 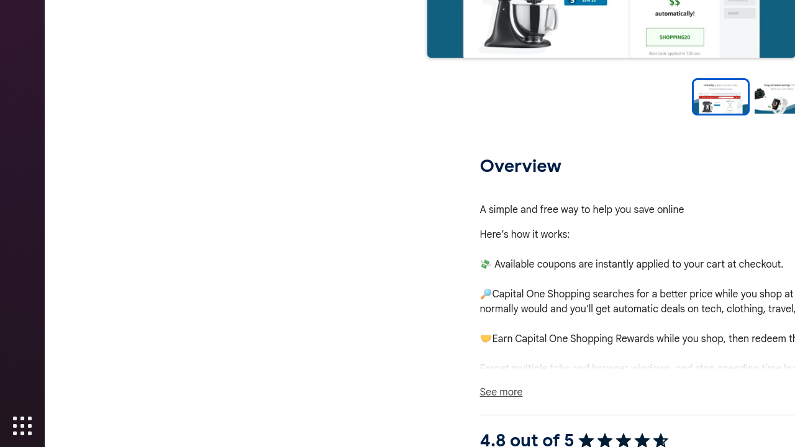 What do you see at coordinates (22, 425) in the screenshot?
I see `'Show Applications'` at bounding box center [22, 425].